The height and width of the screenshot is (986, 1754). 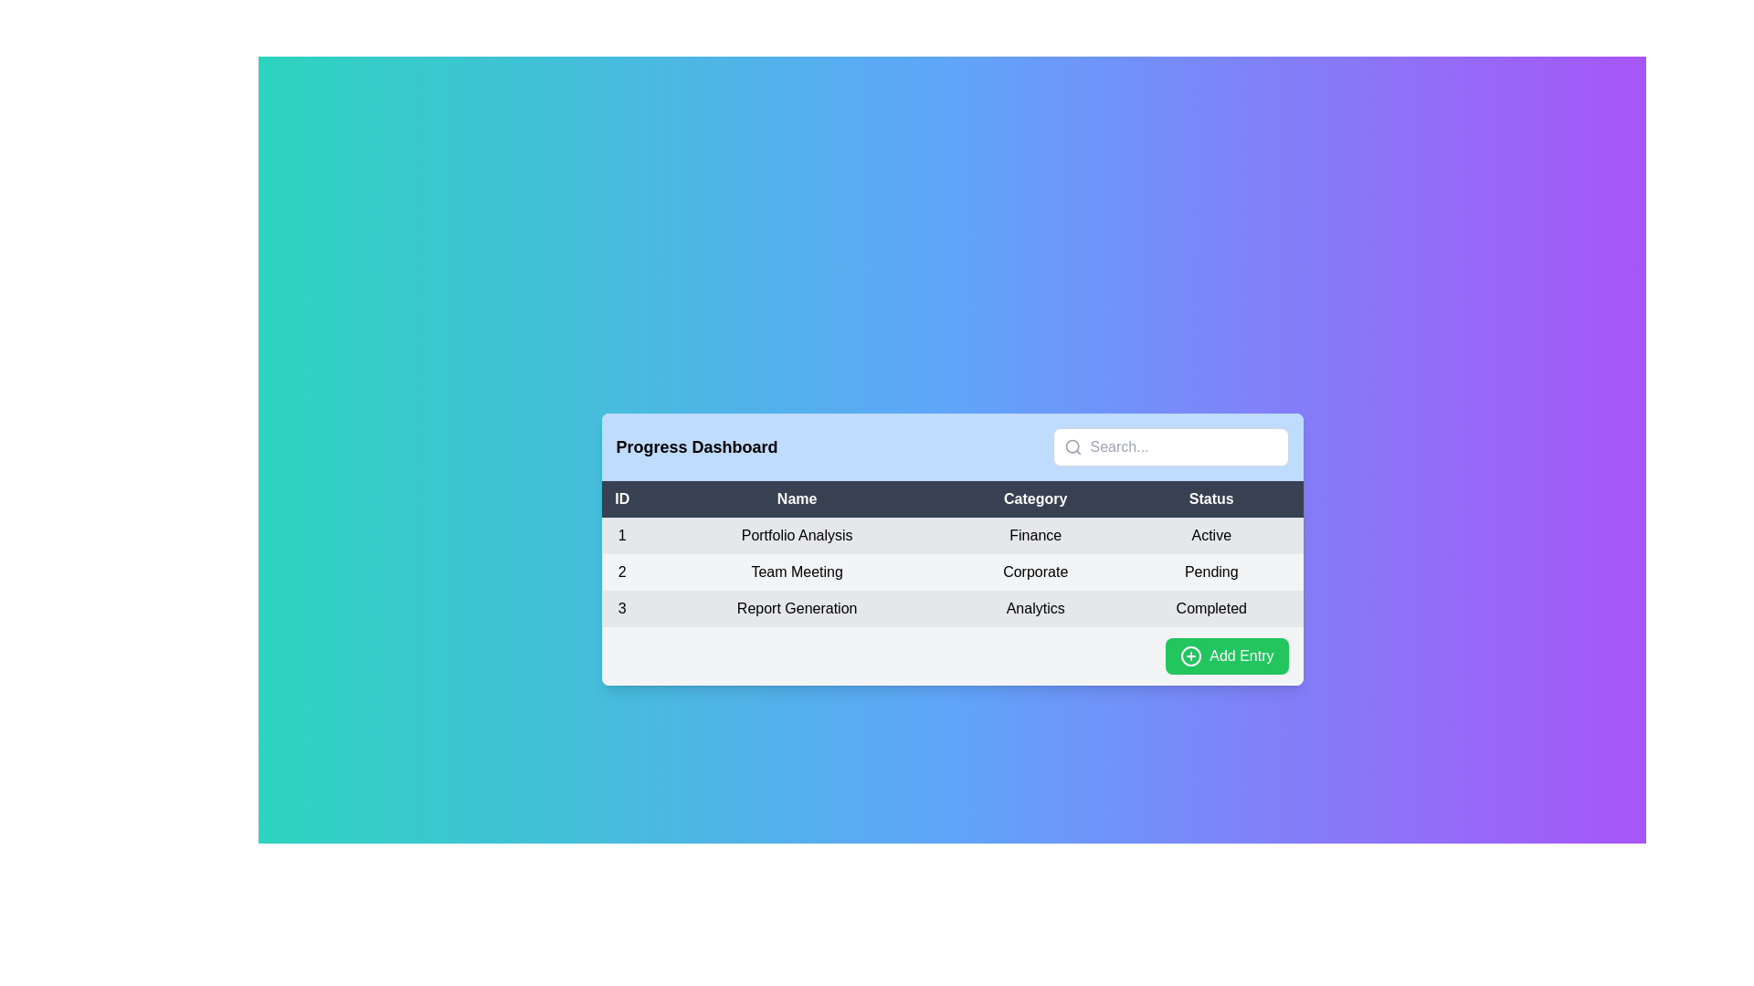 What do you see at coordinates (622, 499) in the screenshot?
I see `the Static text header element, which serves as the header for the first column listing identification numbers in the table` at bounding box center [622, 499].